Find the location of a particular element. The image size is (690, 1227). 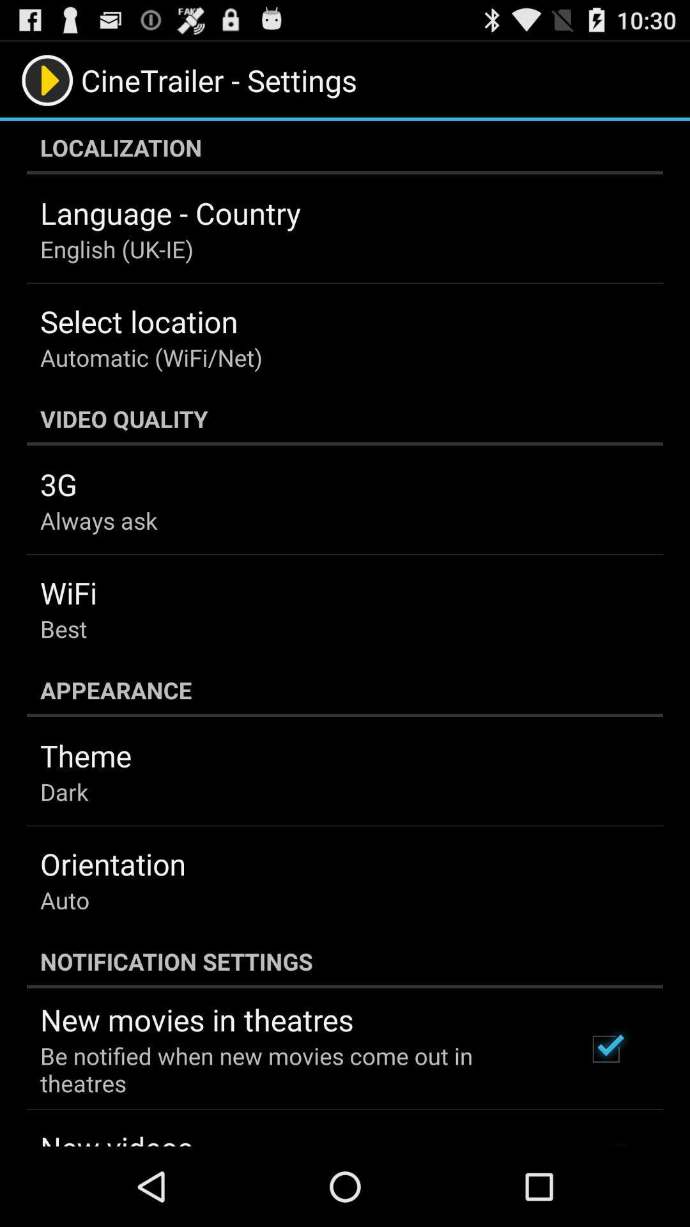

the app above dark is located at coordinates (86, 755).